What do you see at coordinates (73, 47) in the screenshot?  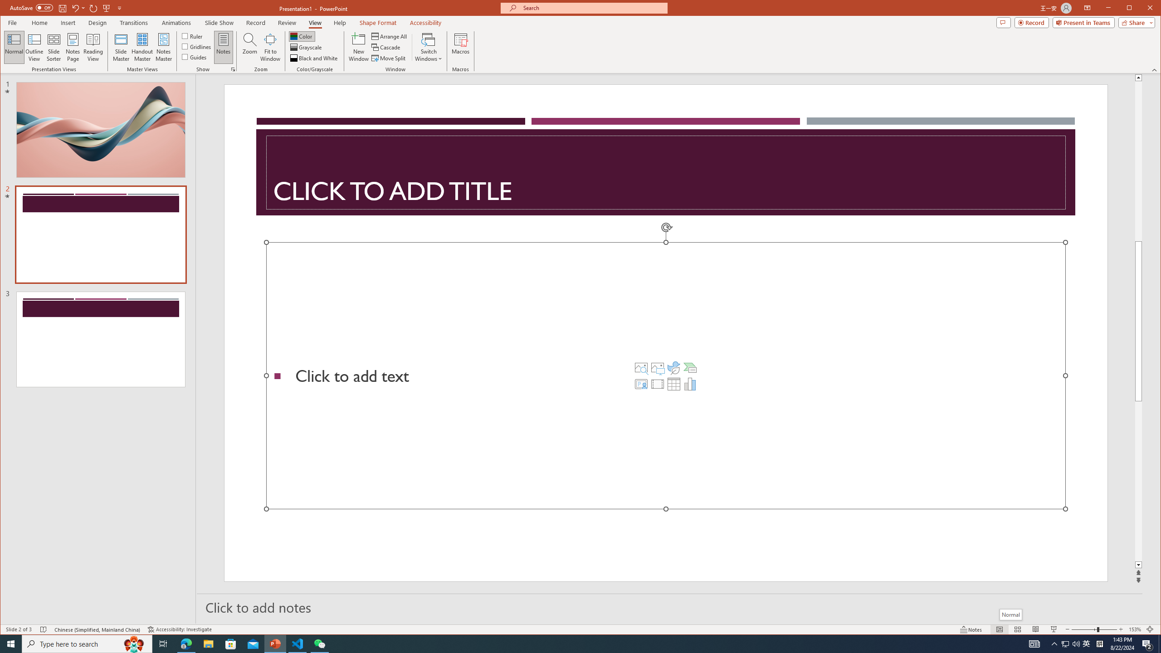 I see `'Notes Page'` at bounding box center [73, 47].